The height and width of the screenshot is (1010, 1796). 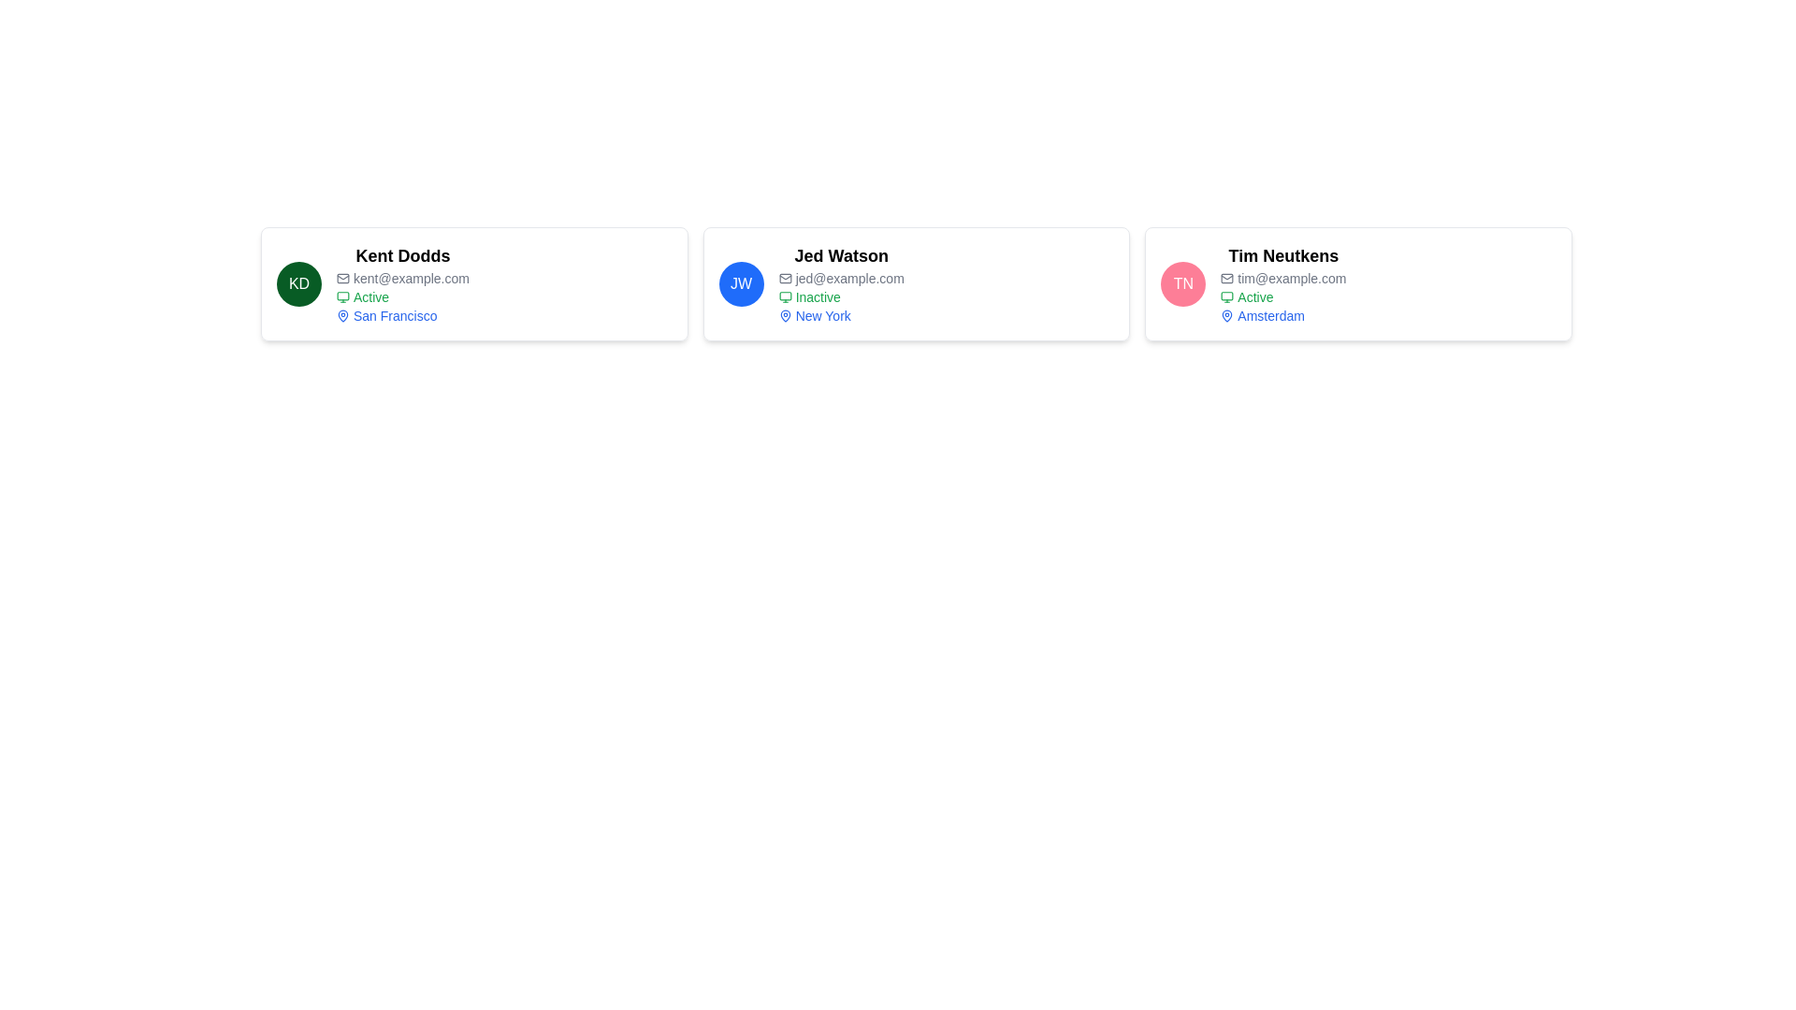 What do you see at coordinates (1227, 296) in the screenshot?
I see `the green monitor icon located to the left of the 'Active' text within Tim Neutkens' card` at bounding box center [1227, 296].